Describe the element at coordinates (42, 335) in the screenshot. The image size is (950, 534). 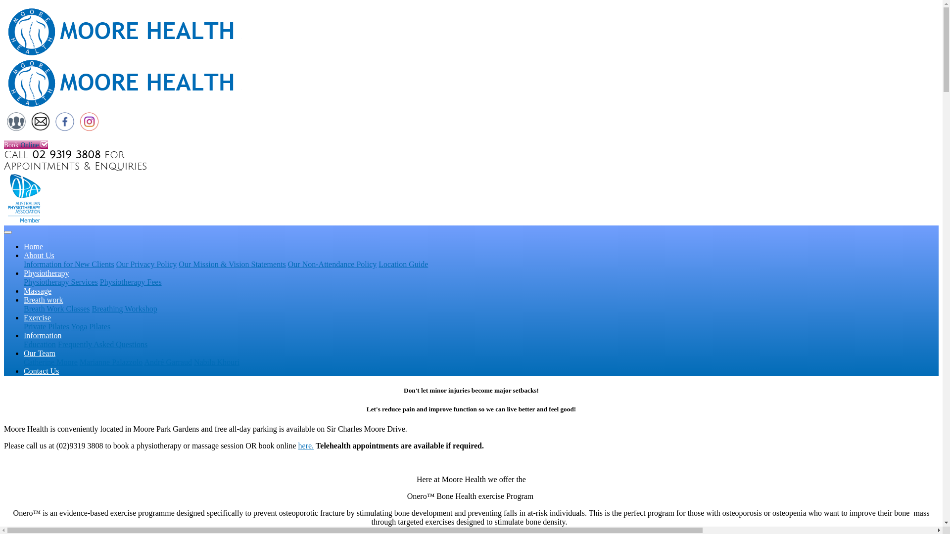
I see `'Information'` at that location.